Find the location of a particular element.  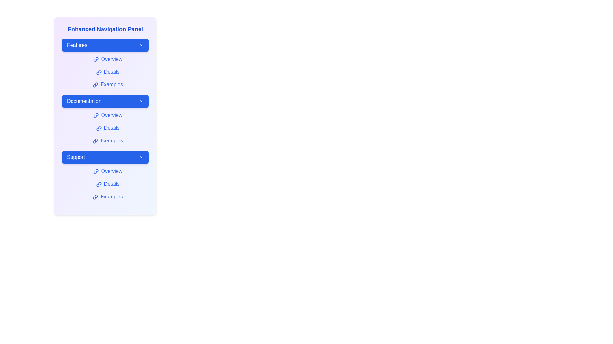

the Chevron icon located at the right edge of the 'Support' button is located at coordinates (140, 157).